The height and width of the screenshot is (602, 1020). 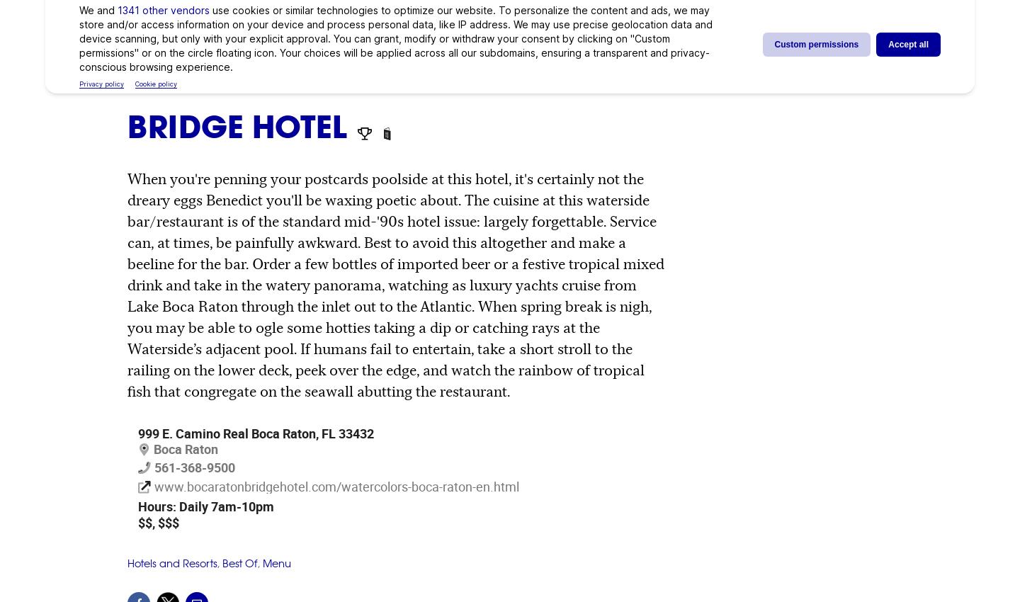 What do you see at coordinates (222, 562) in the screenshot?
I see `'Best Of'` at bounding box center [222, 562].